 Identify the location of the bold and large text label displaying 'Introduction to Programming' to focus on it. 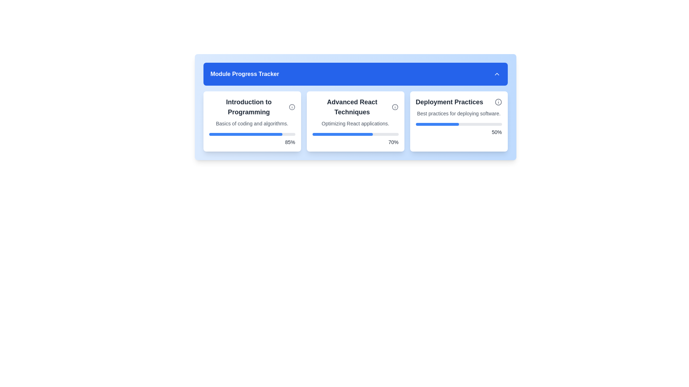
(252, 107).